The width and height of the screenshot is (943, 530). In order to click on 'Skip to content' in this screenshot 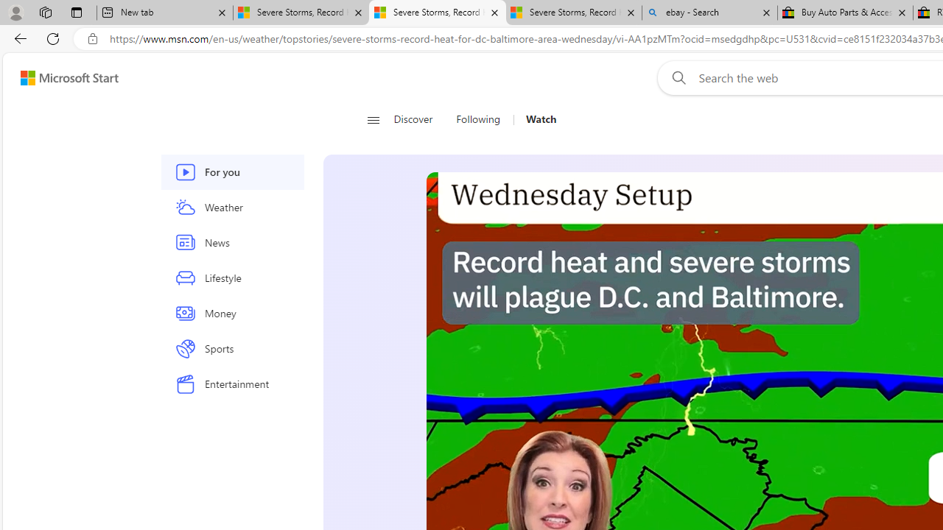, I will do `click(63, 77)`.